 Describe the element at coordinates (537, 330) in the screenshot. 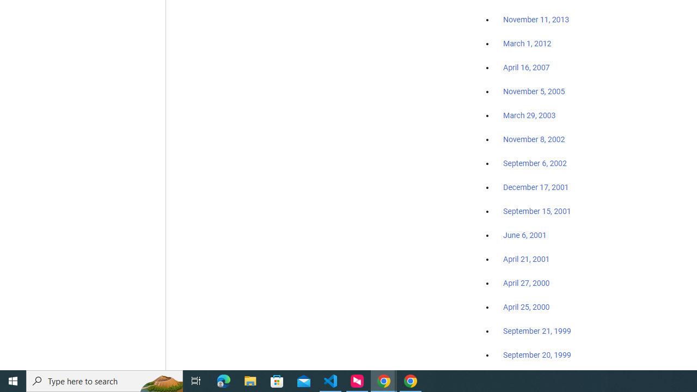

I see `'September 21, 1999'` at that location.